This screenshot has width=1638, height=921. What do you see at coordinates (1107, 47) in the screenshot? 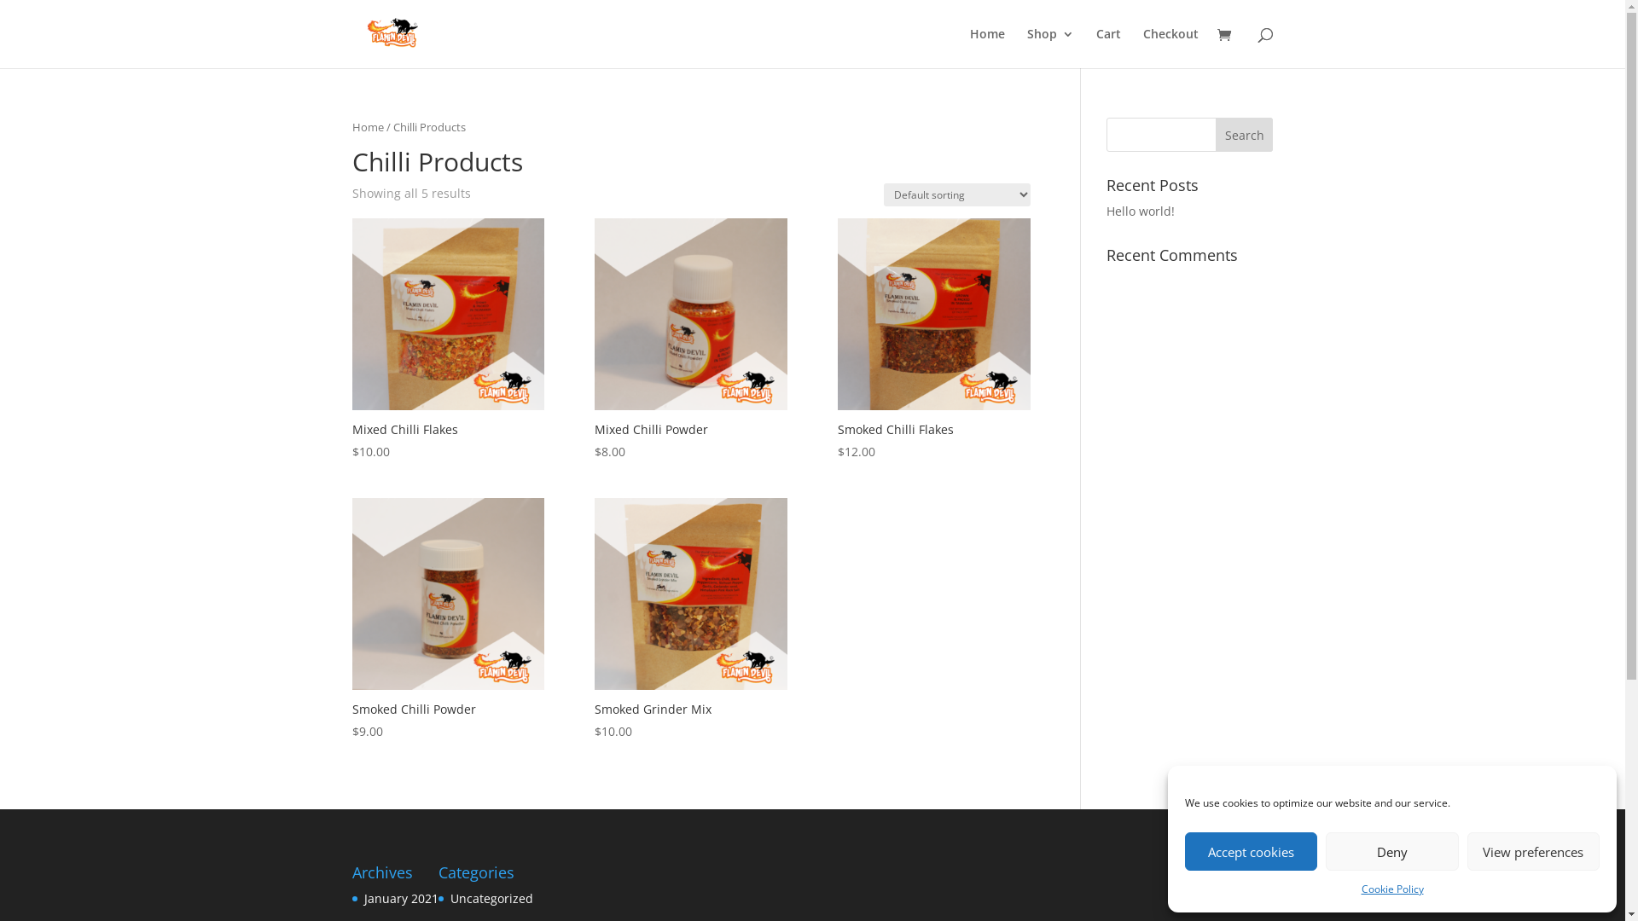
I see `'Cart'` at bounding box center [1107, 47].